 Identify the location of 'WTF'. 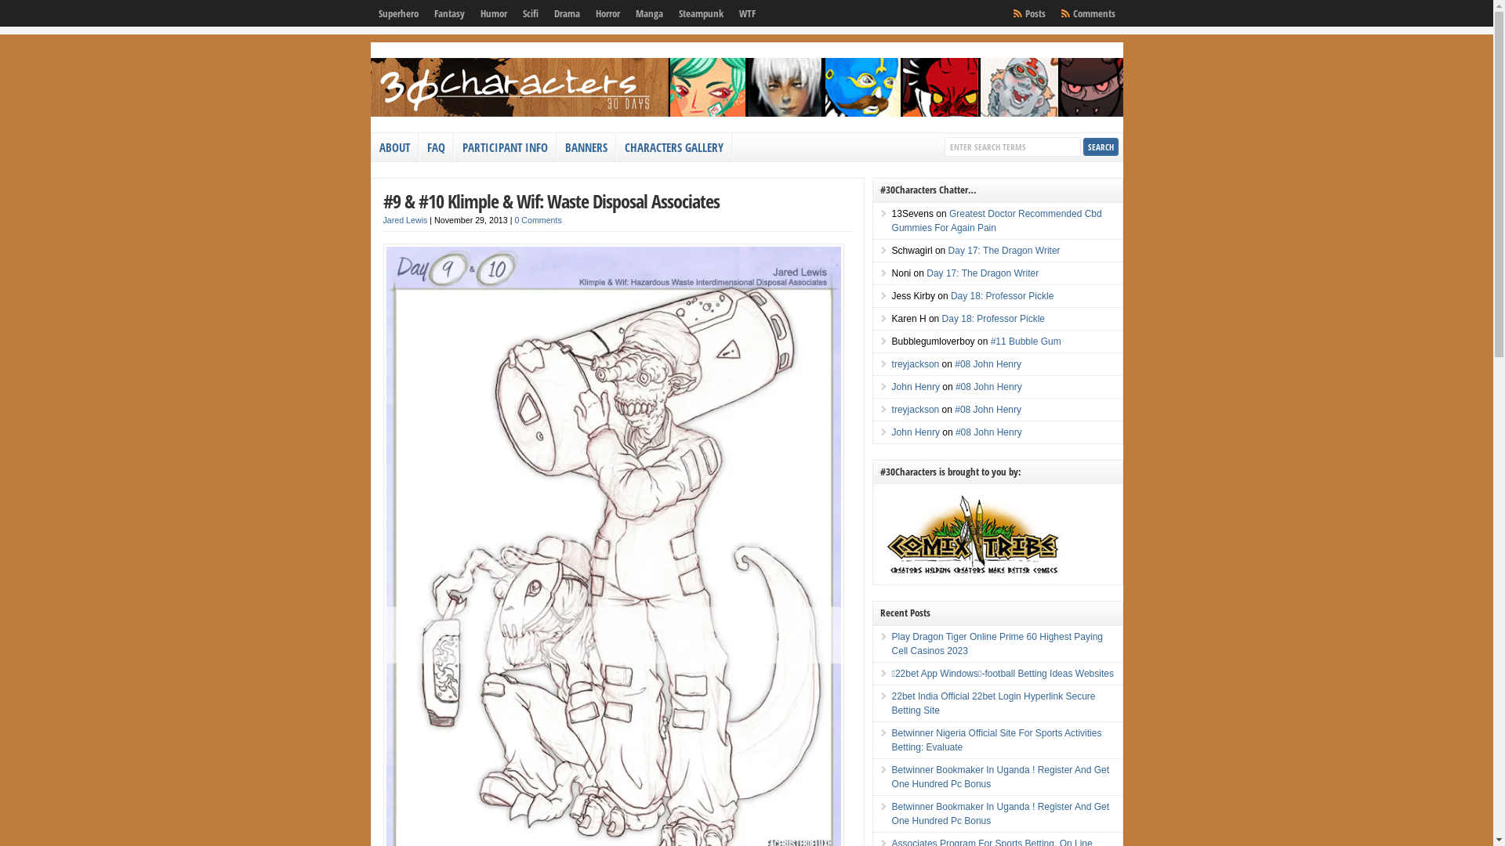
(729, 13).